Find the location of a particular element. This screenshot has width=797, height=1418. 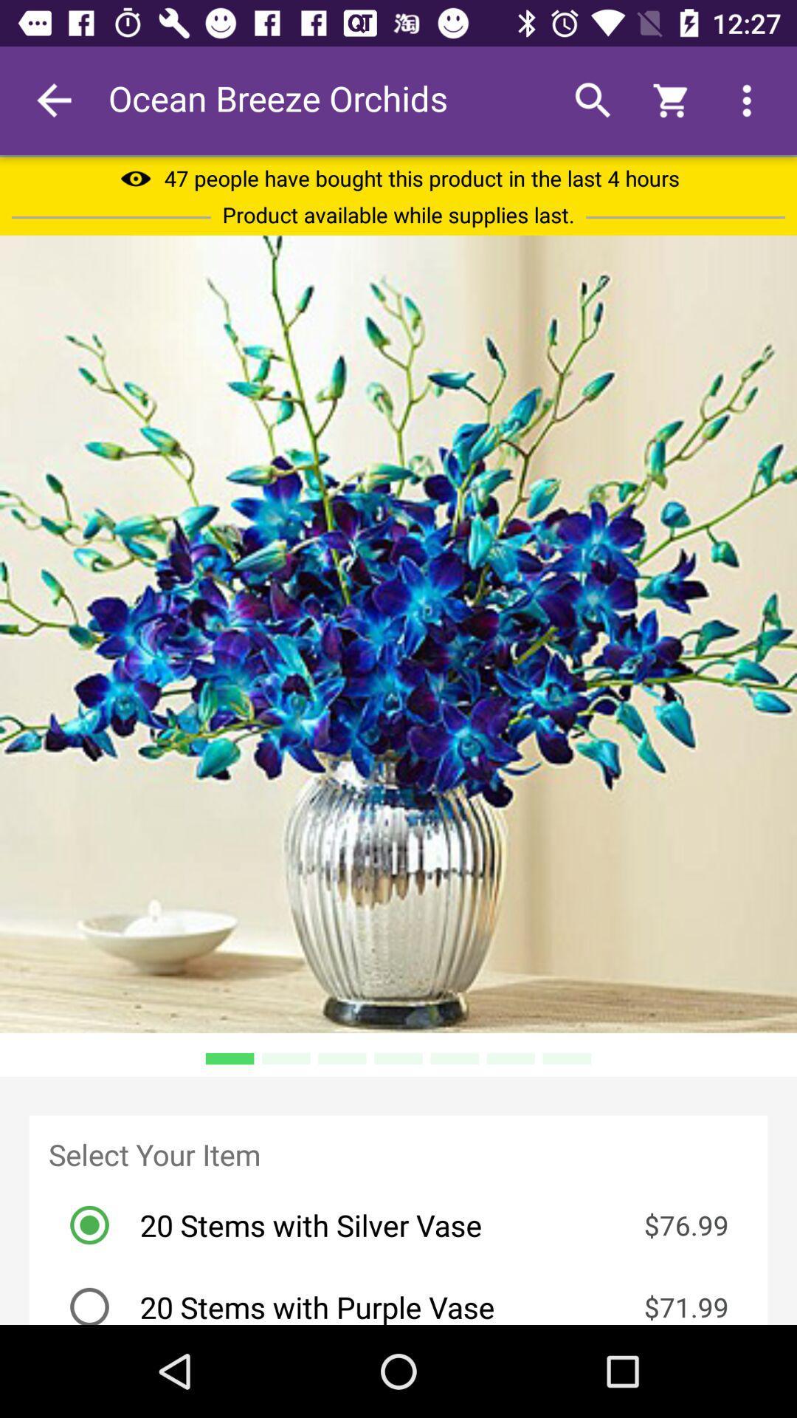

the item next to ocean breeze orchids is located at coordinates (53, 100).